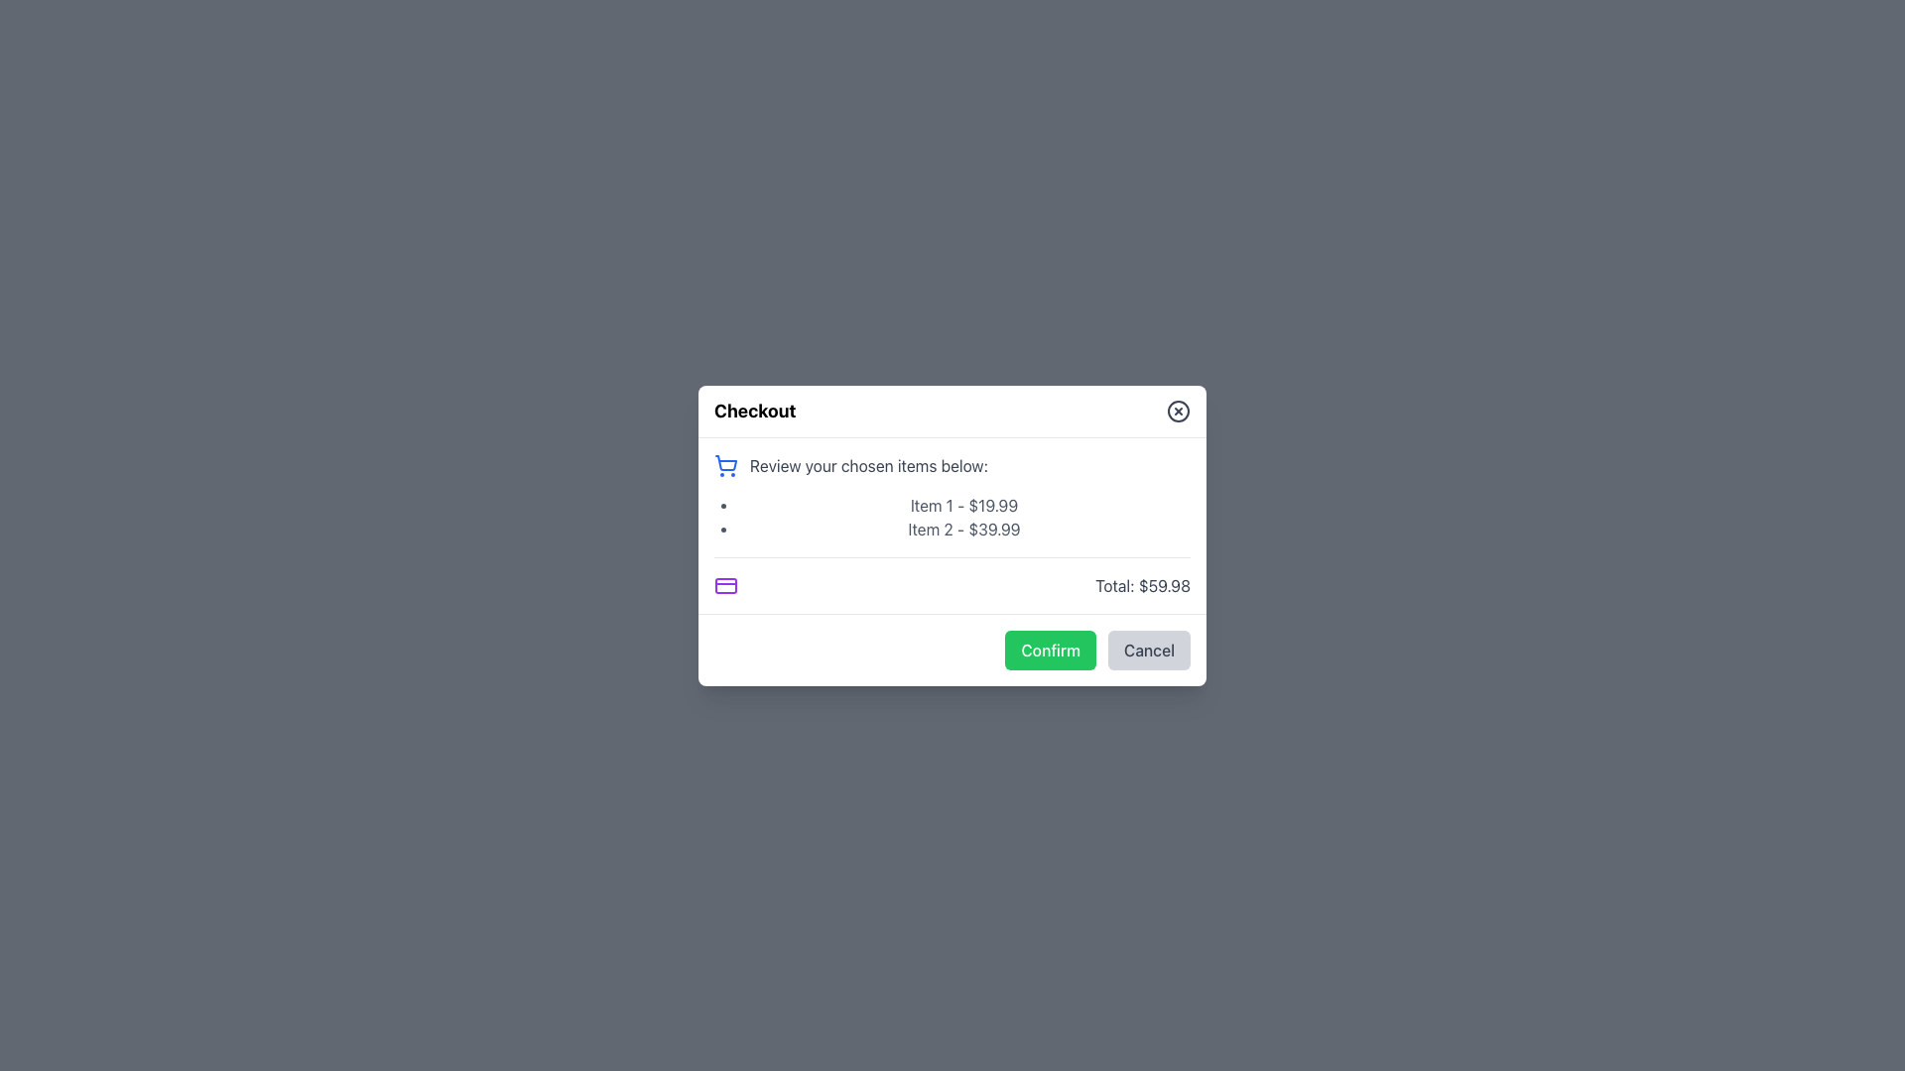 This screenshot has width=1905, height=1071. I want to click on text 'Checkout' displayed prominently at the top left of the modal's header, so click(754, 410).